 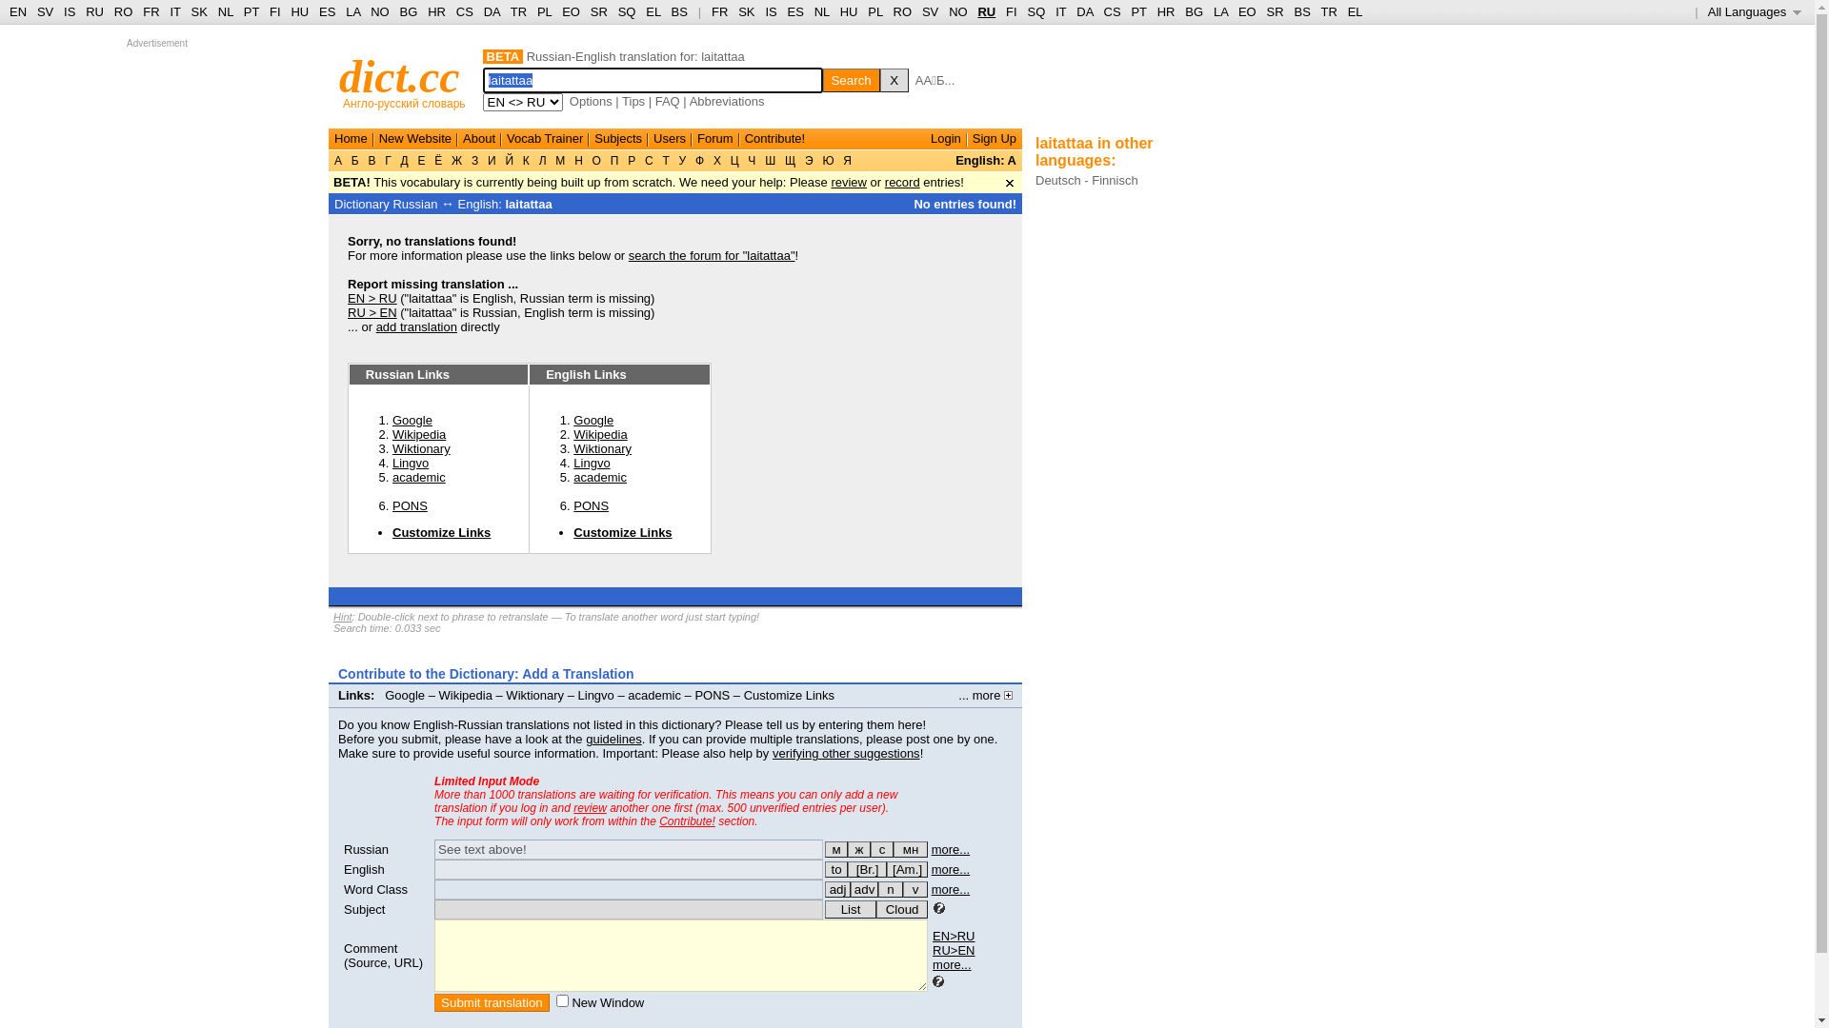 I want to click on 'English', so click(x=364, y=869).